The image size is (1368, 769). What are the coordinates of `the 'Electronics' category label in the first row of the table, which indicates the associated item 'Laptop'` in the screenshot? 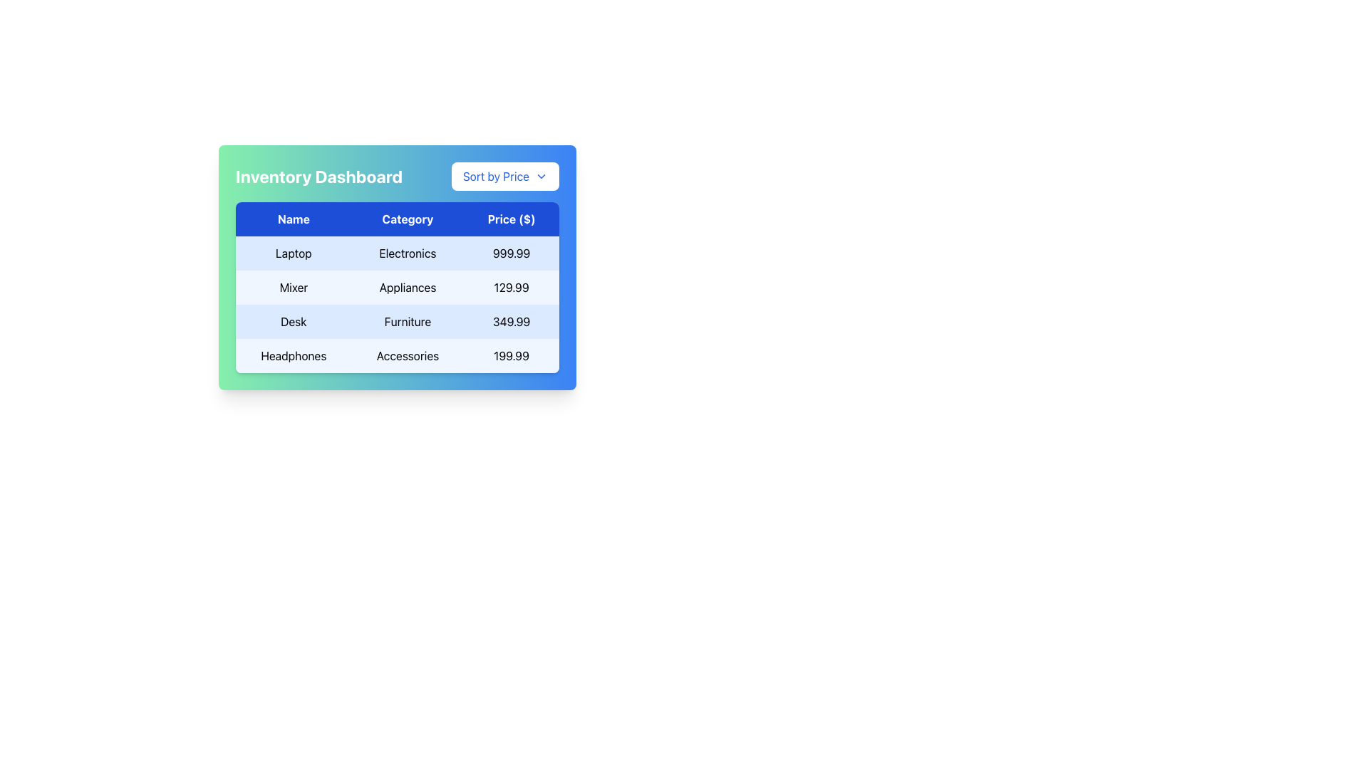 It's located at (407, 252).